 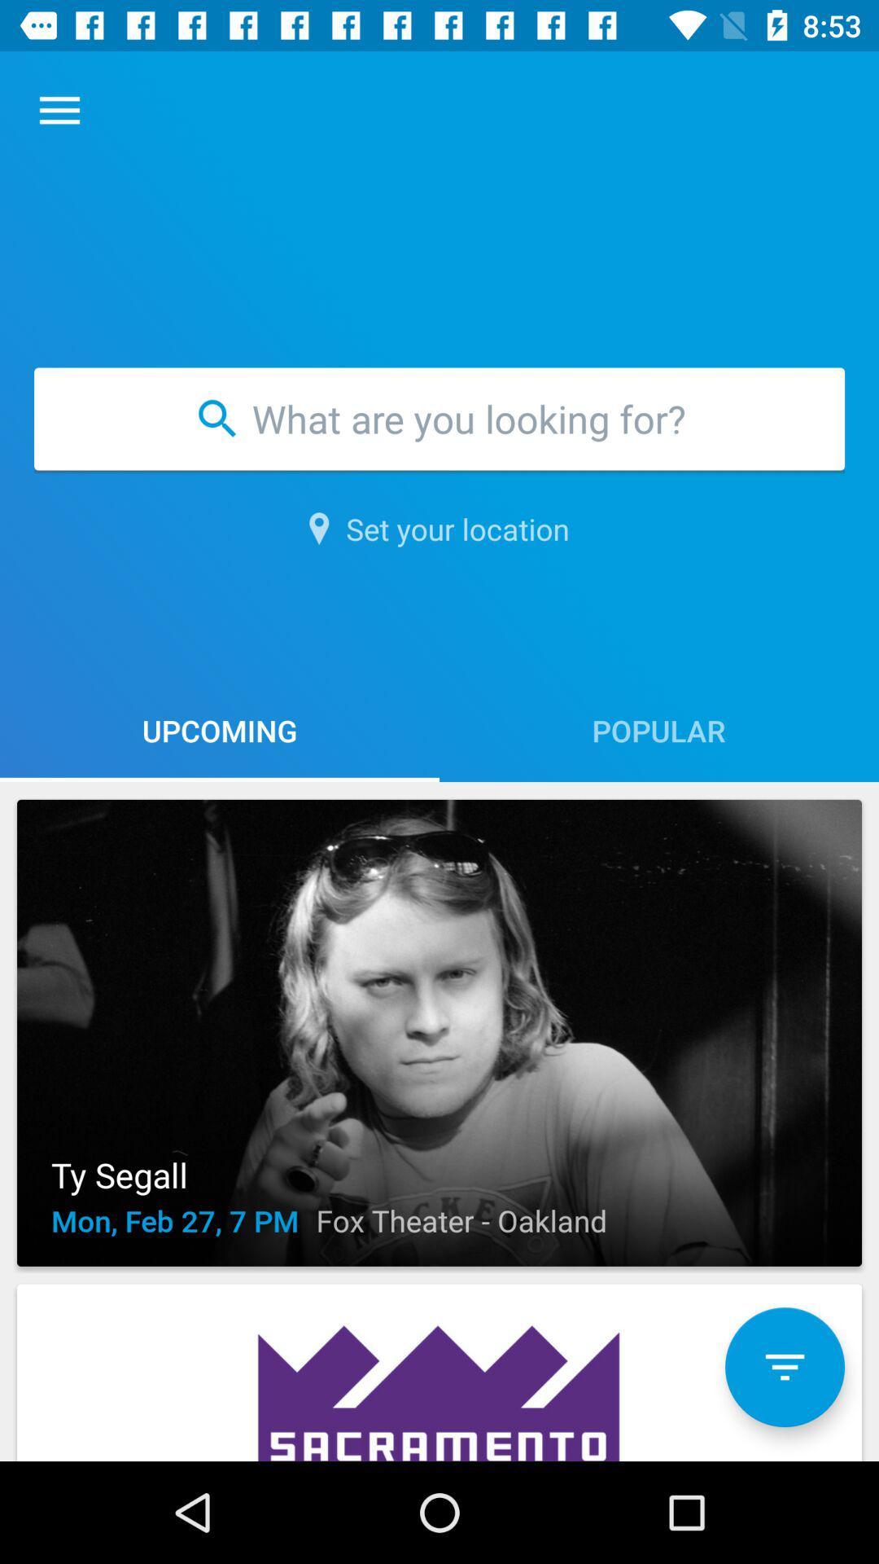 I want to click on the filter_list icon, so click(x=784, y=1367).